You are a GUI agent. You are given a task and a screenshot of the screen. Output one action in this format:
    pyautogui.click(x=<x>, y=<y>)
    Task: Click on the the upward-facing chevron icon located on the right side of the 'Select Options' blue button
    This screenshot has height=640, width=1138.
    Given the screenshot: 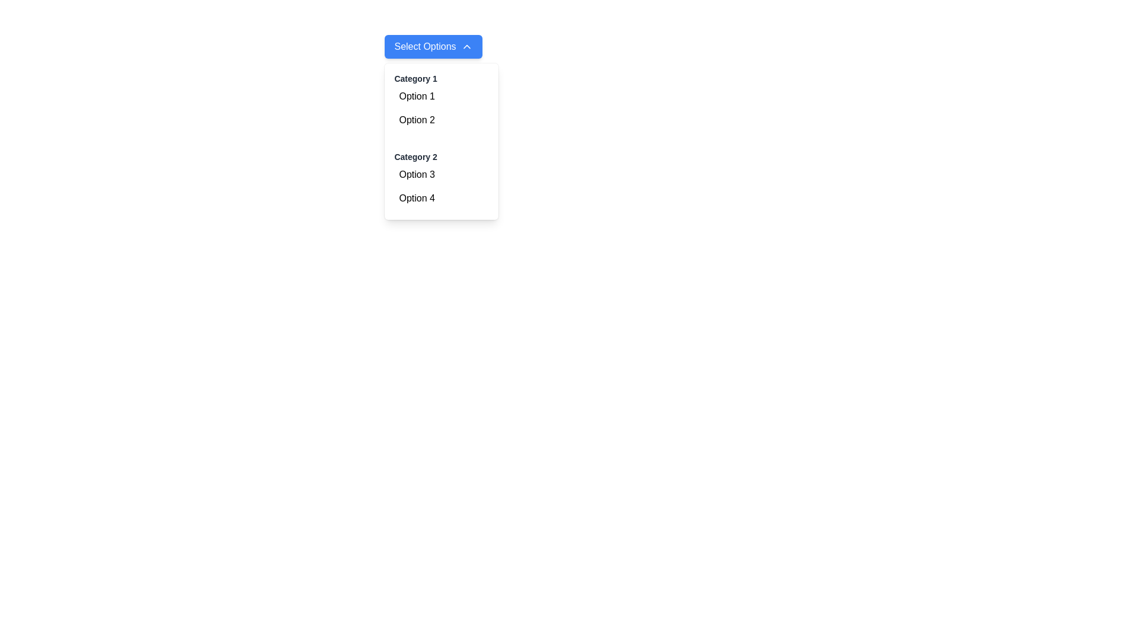 What is the action you would take?
    pyautogui.click(x=466, y=46)
    